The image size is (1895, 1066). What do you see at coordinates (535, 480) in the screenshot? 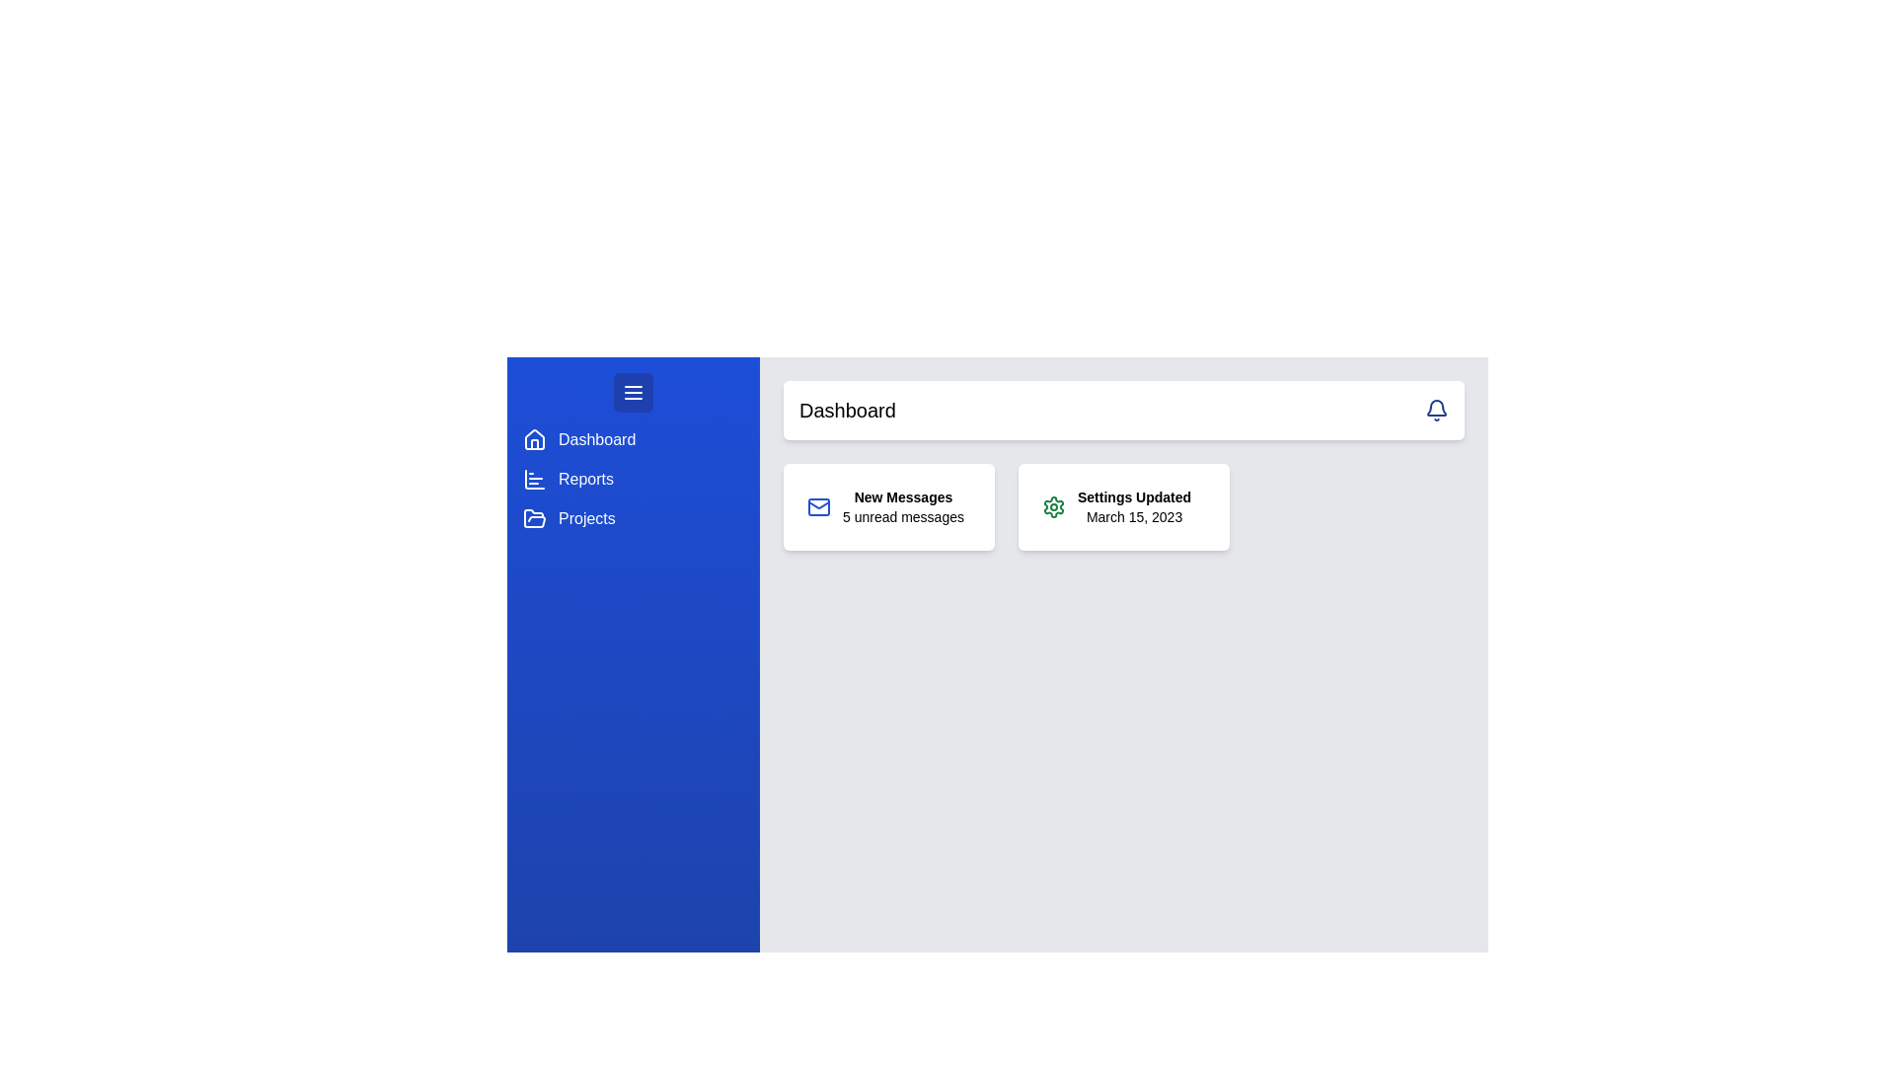
I see `the blue bar chart icon located in the sidebar, adjacent to the text 'Reports'` at bounding box center [535, 480].